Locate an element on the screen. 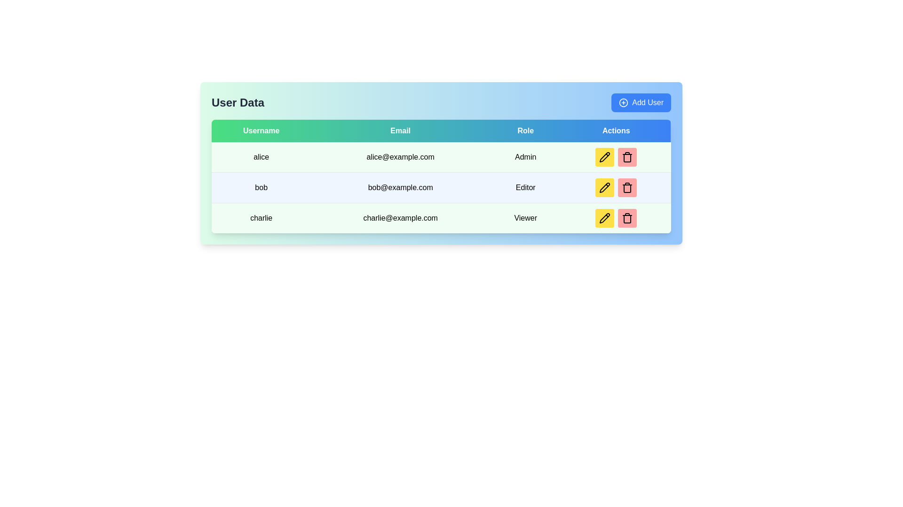  the small circular icon with a plus sign ('+') located inside the 'Add User' button, positioned to the left of the 'Add User' text is located at coordinates (624, 103).